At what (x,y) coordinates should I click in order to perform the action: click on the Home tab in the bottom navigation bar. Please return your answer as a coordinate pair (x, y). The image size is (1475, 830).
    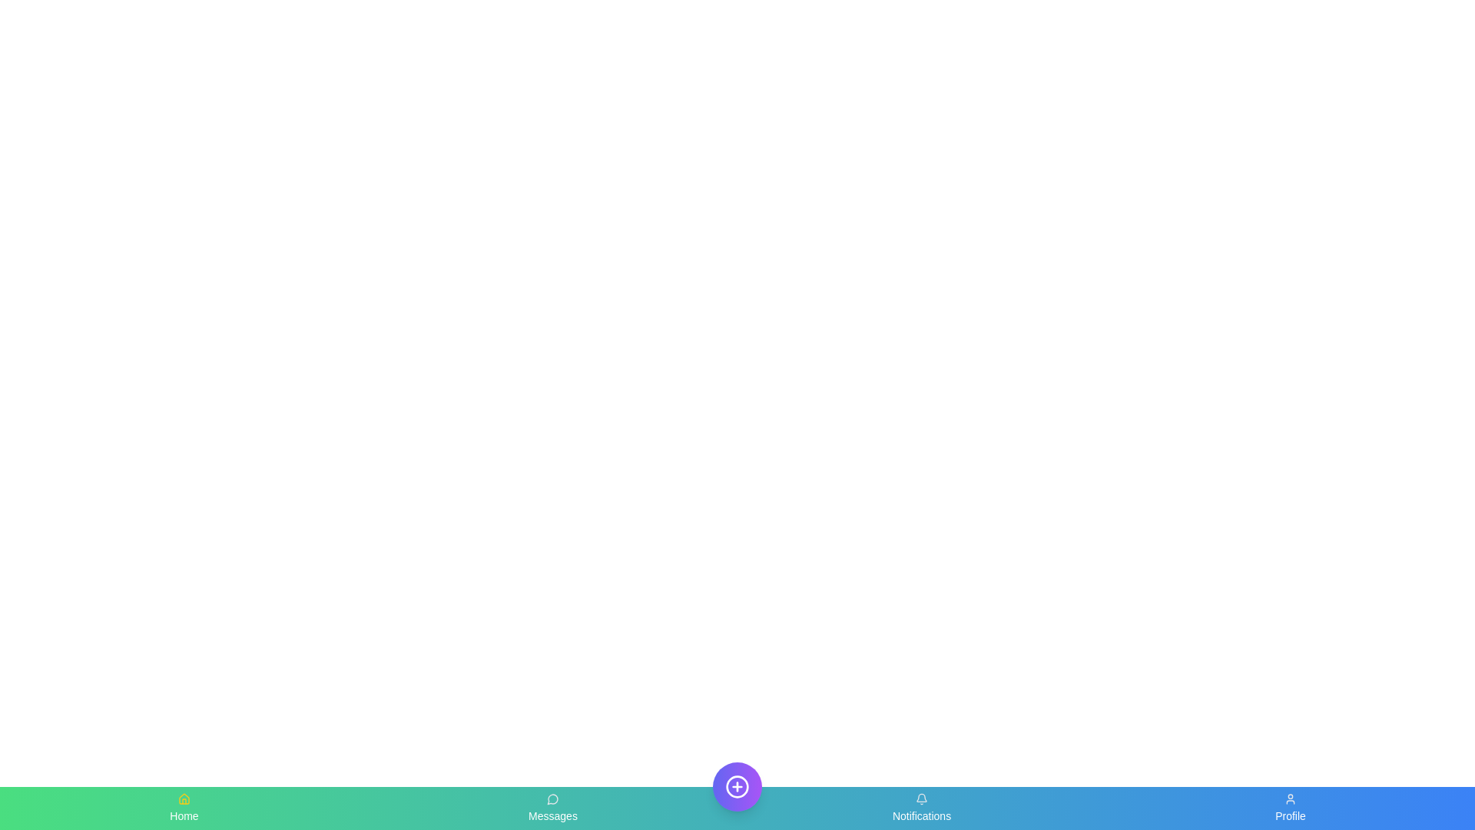
    Looking at the image, I should click on (184, 808).